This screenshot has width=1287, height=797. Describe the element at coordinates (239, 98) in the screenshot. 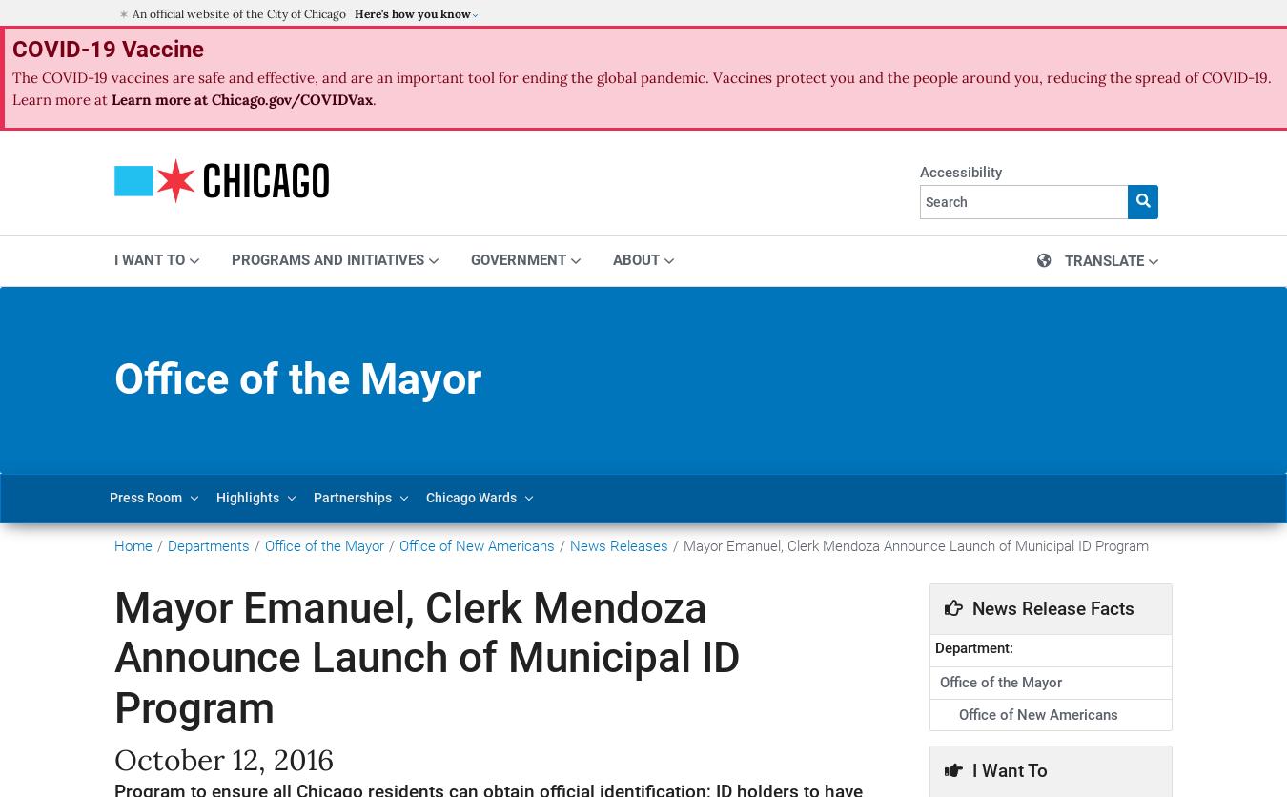

I see `'Learn more at Chicago.gov/COVIDVax'` at that location.